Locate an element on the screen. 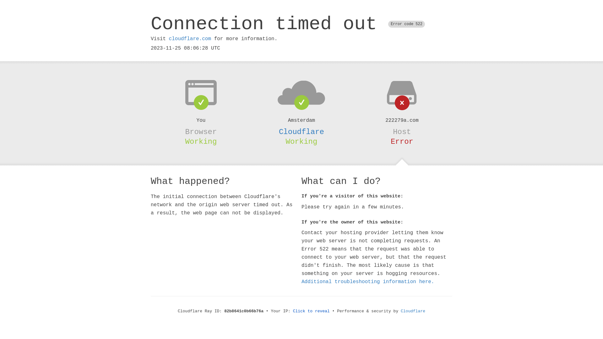  'Cloudflare' is located at coordinates (301, 132).